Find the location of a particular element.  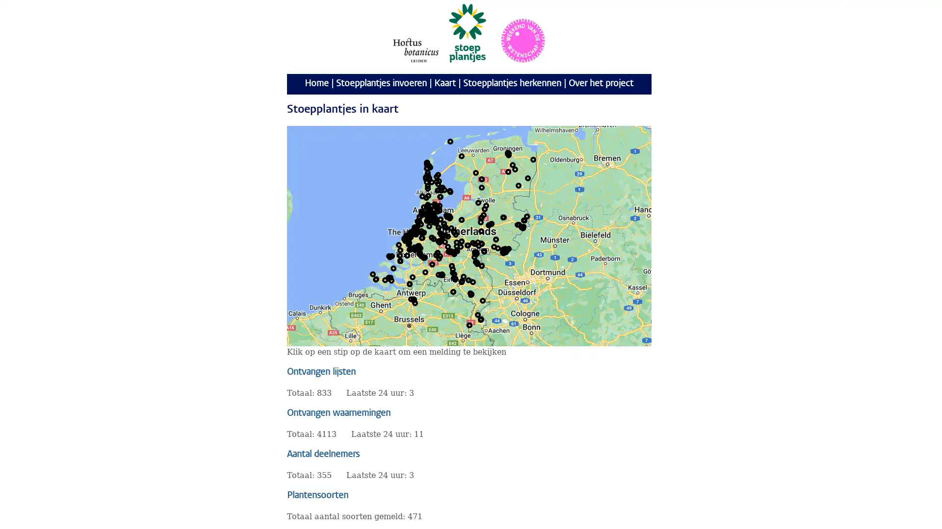

Telling van Lotte op 21 april 2022 is located at coordinates (433, 215).